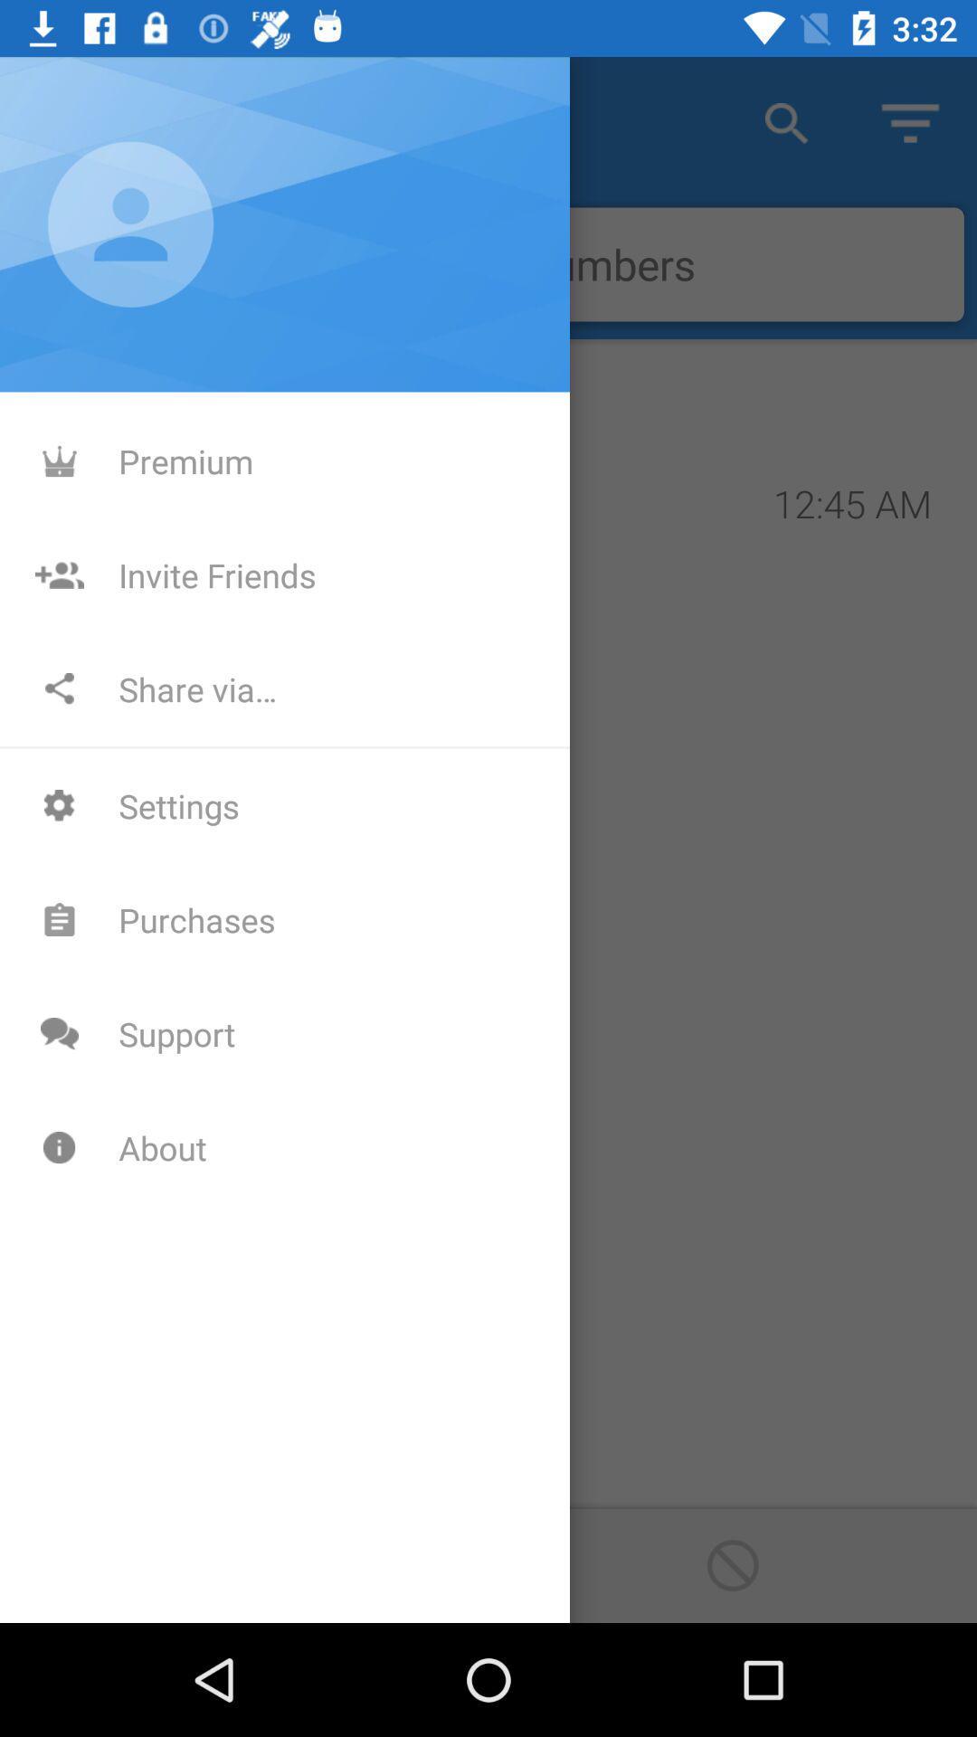  Describe the element at coordinates (910, 122) in the screenshot. I see `the three identical lines at the top right corner of the page` at that location.